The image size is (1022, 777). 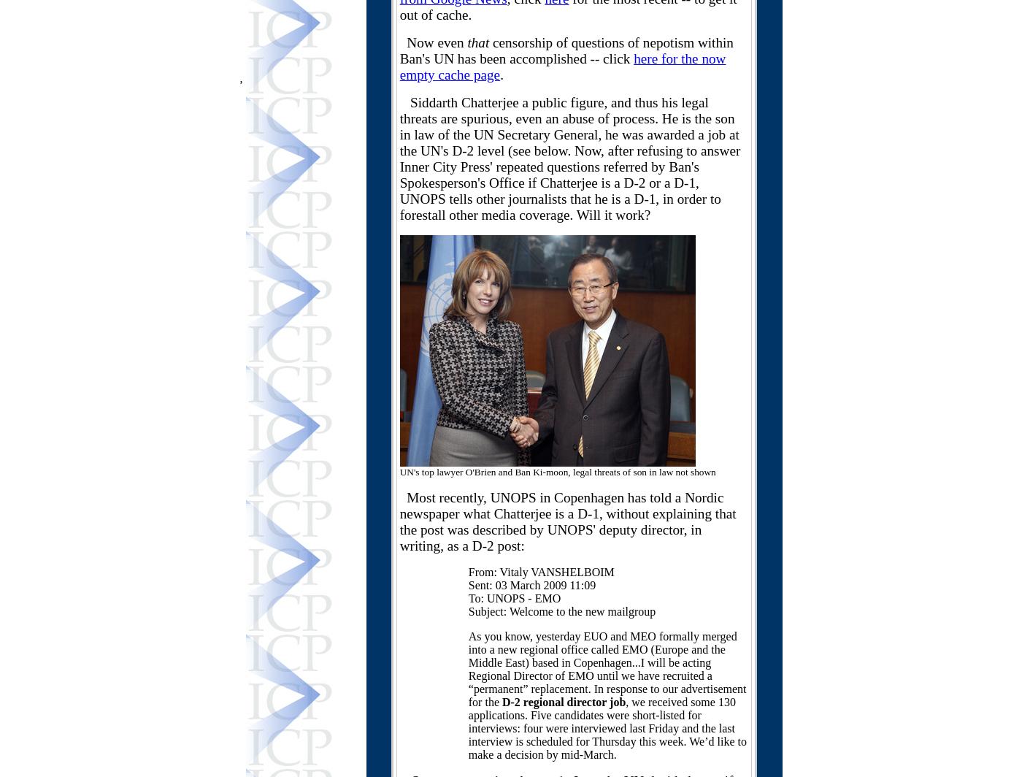 I want to click on 'Now even', so click(x=433, y=42).